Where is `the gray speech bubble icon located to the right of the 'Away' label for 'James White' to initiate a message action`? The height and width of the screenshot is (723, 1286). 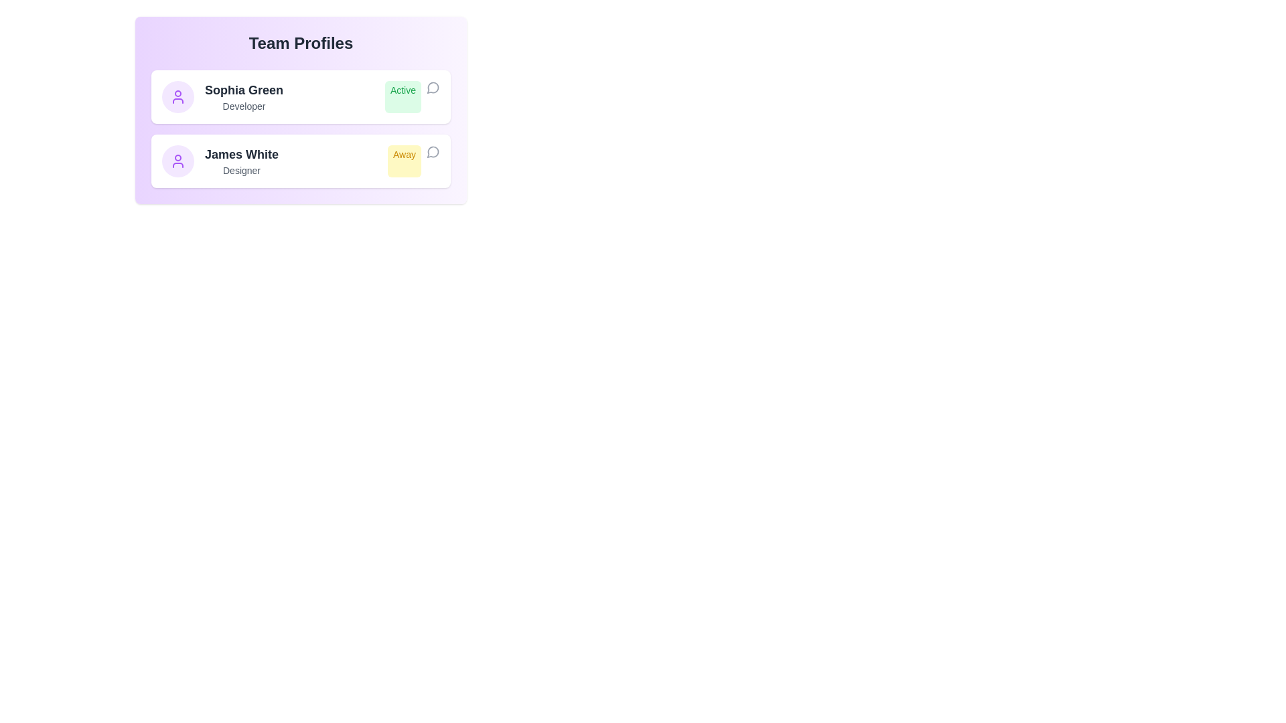 the gray speech bubble icon located to the right of the 'Away' label for 'James White' to initiate a message action is located at coordinates (433, 151).